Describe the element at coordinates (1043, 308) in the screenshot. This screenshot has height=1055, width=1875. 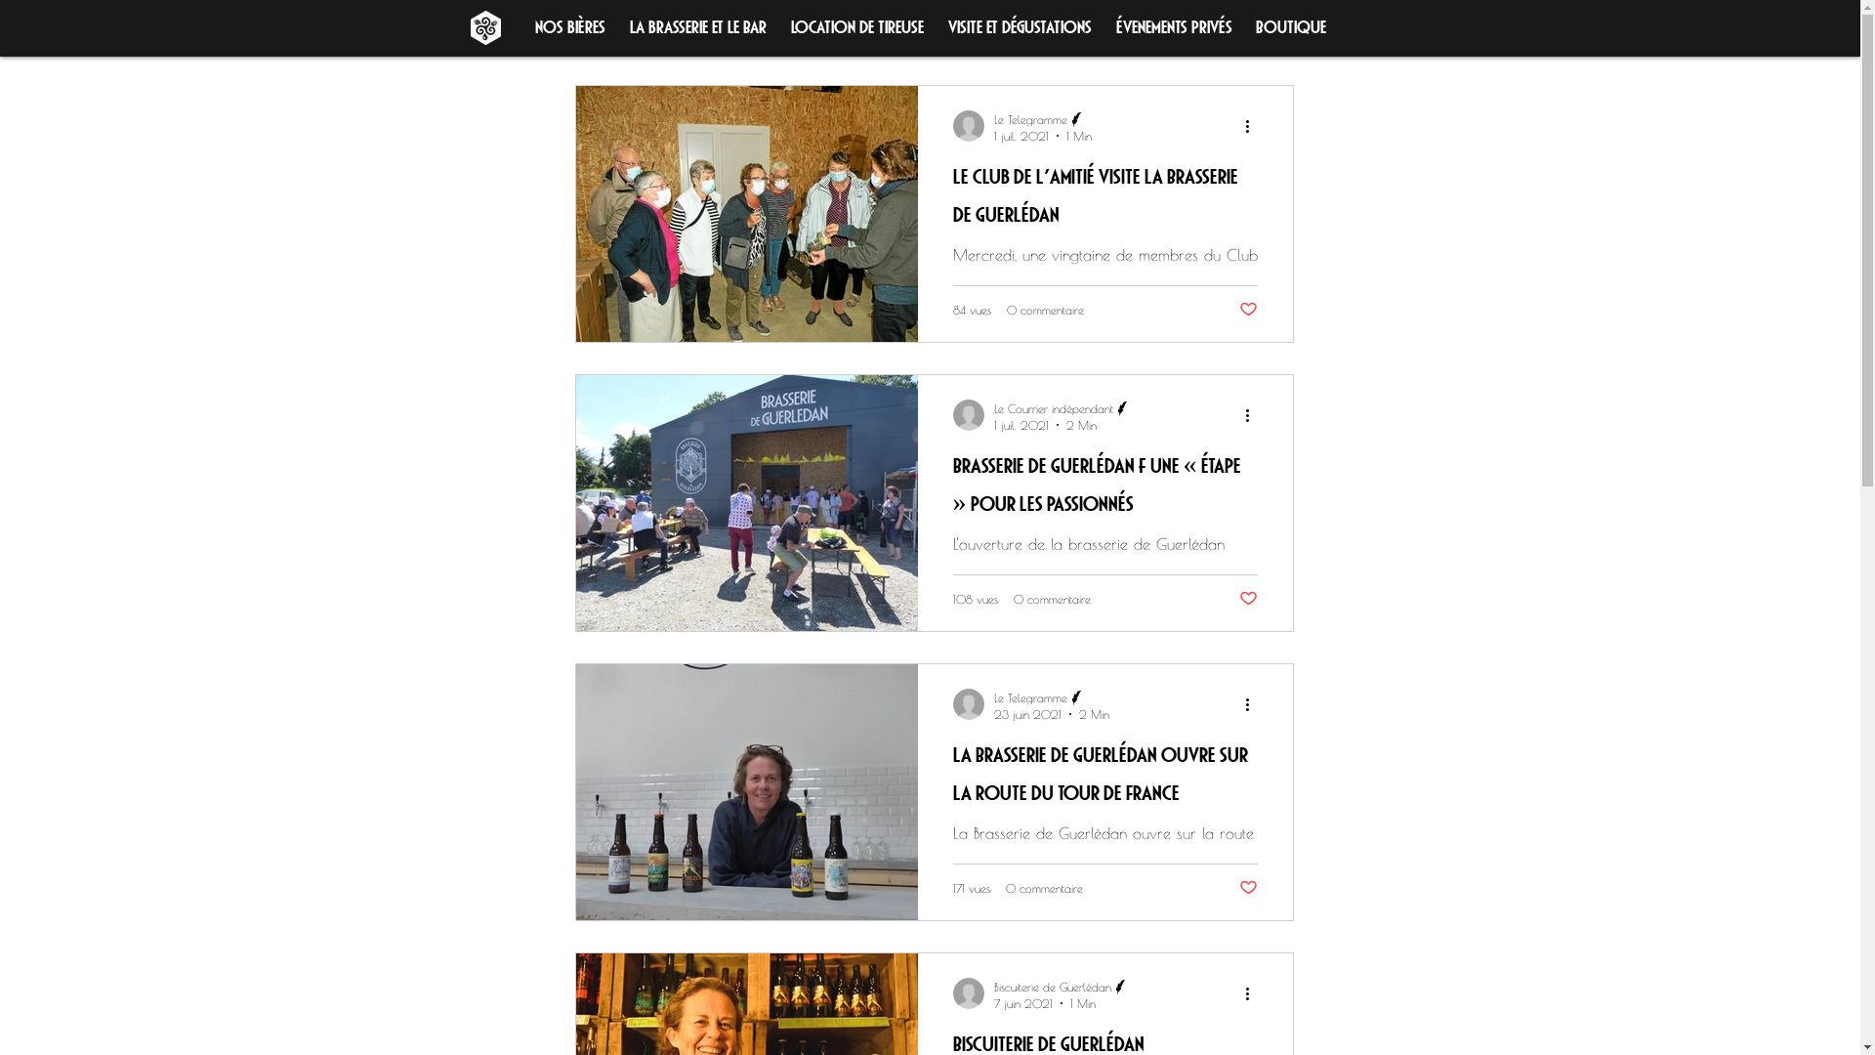
I see `'0 commentaire'` at that location.